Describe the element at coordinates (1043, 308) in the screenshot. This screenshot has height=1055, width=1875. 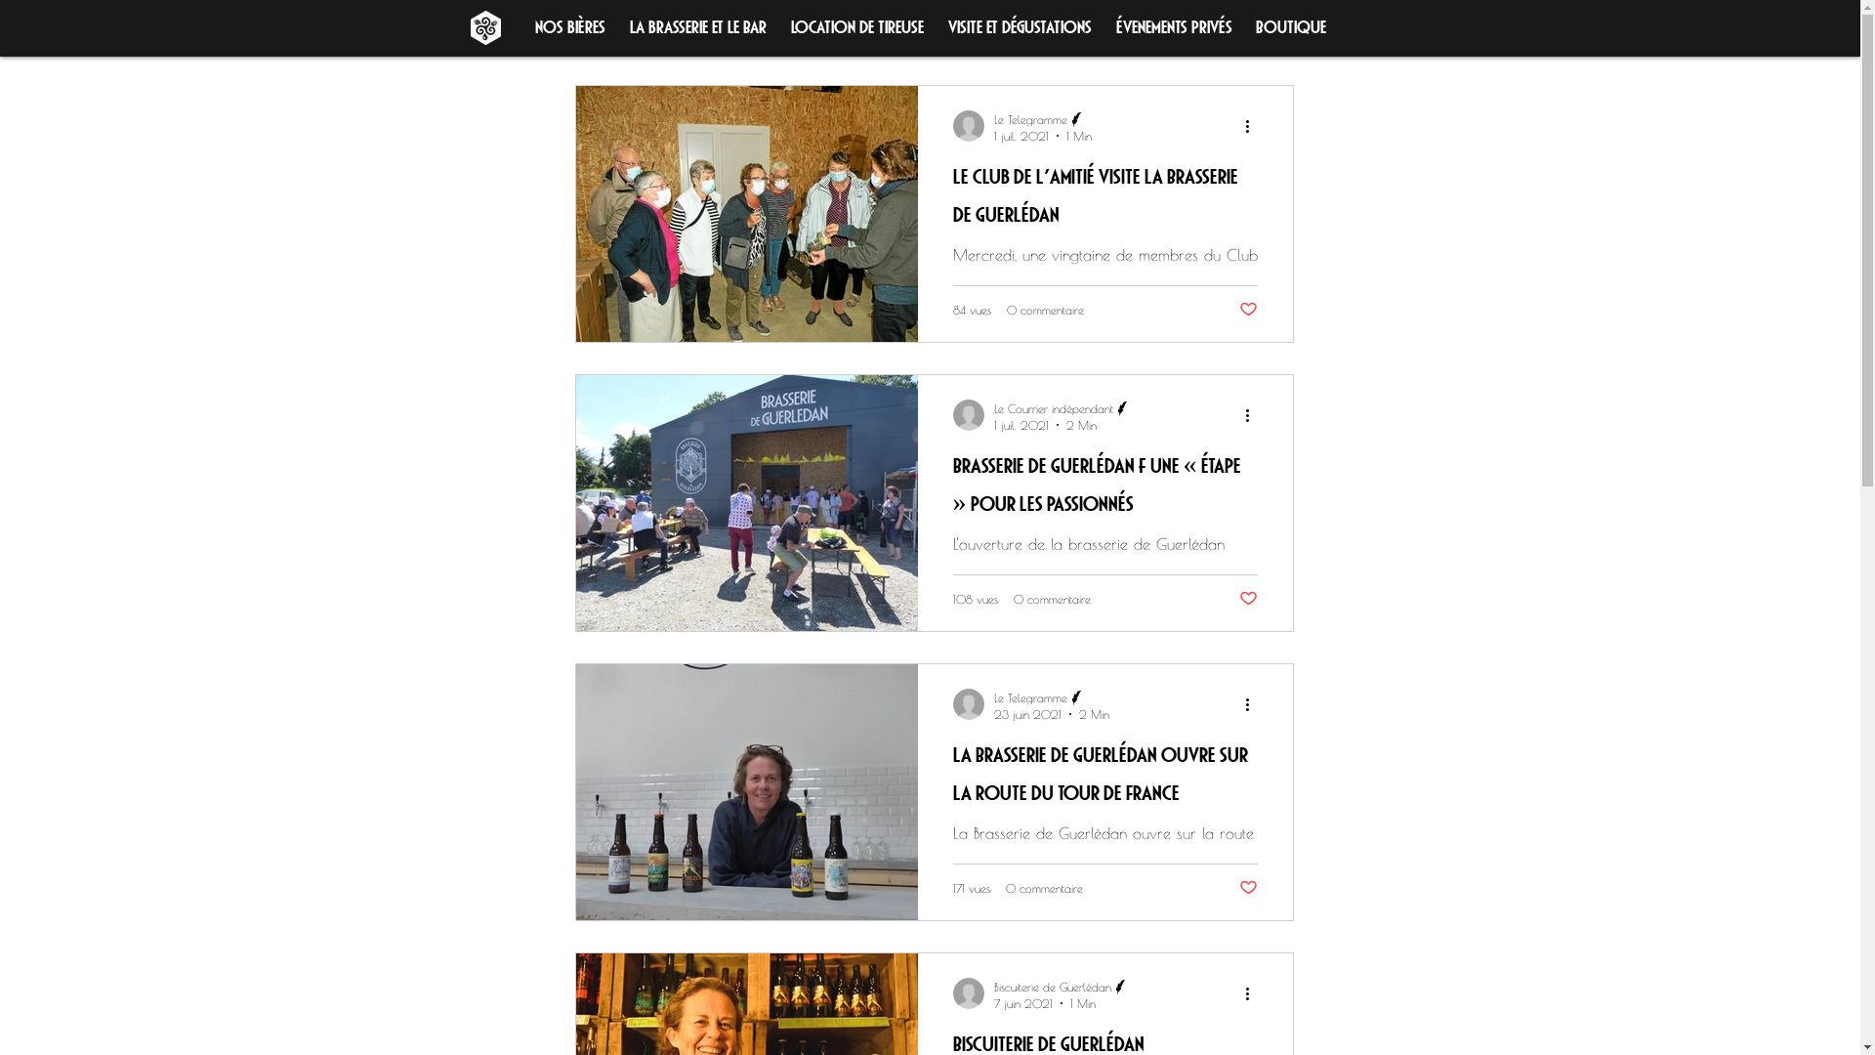
I see `'0 commentaire'` at that location.